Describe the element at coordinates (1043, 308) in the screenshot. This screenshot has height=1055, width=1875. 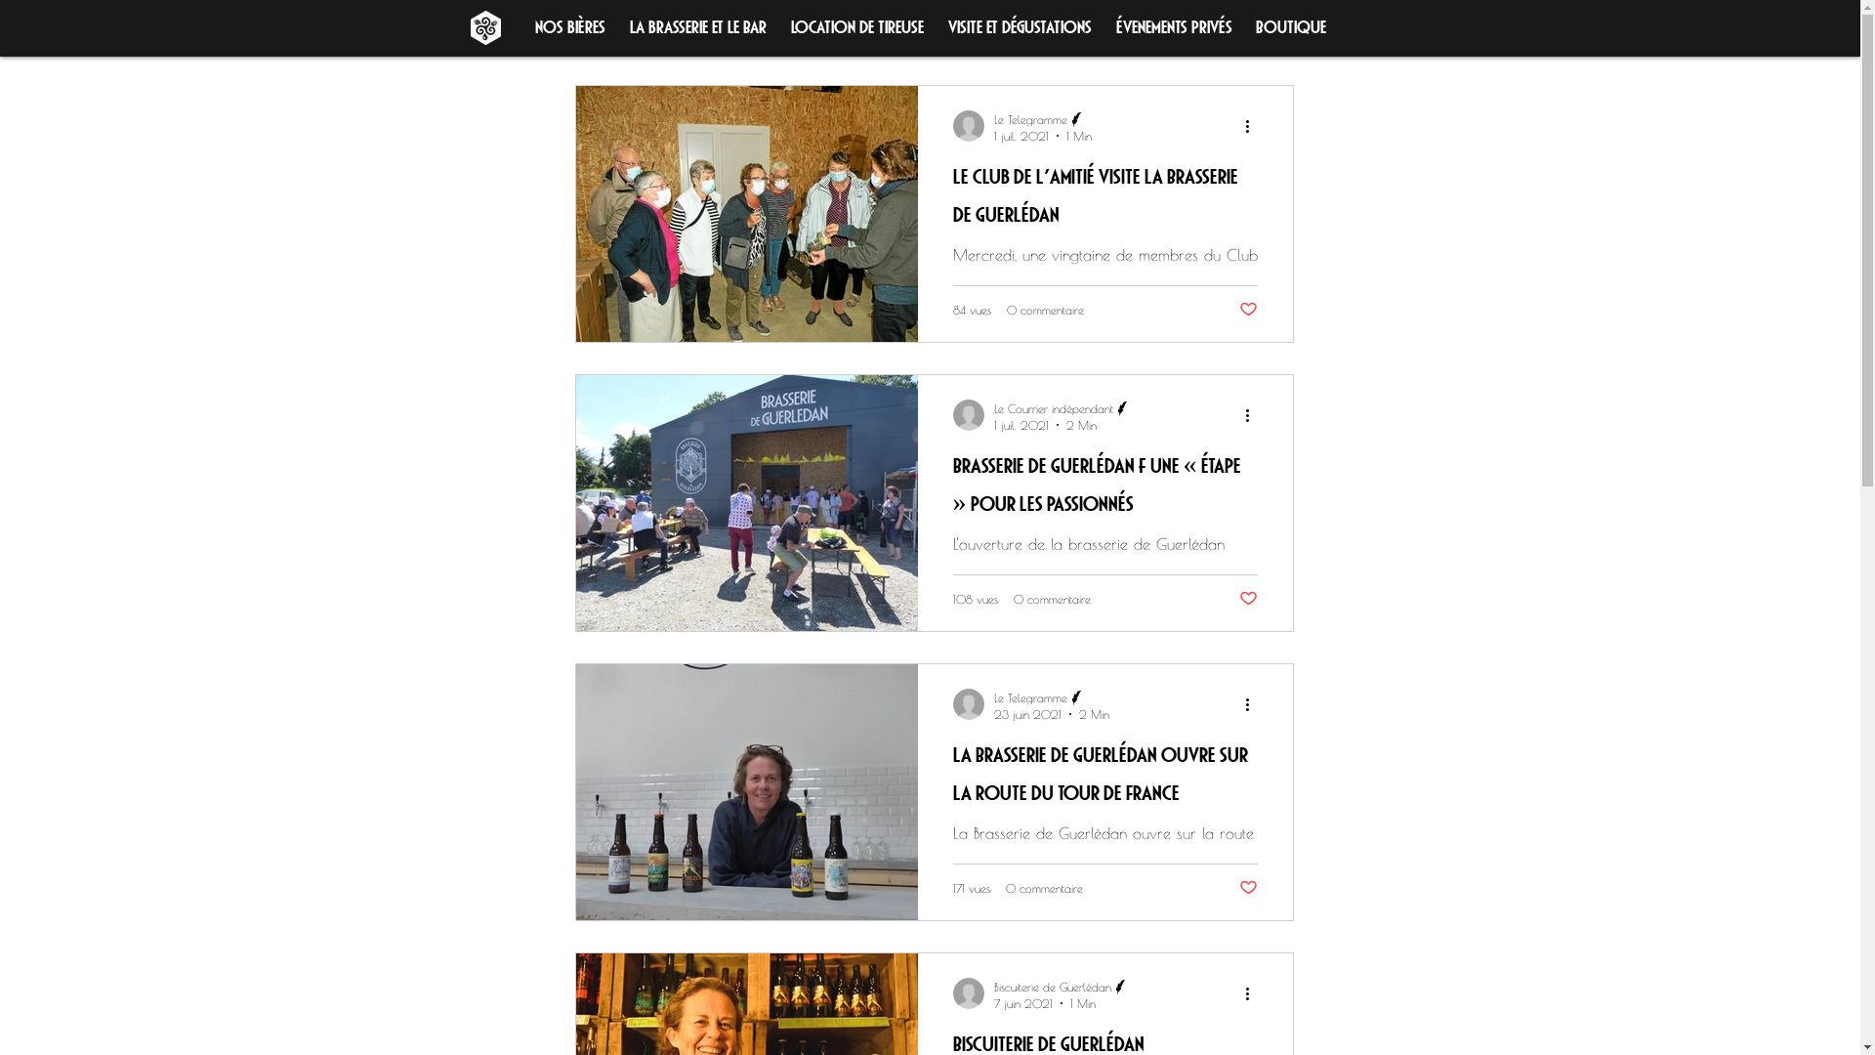
I see `'0 commentaire'` at that location.